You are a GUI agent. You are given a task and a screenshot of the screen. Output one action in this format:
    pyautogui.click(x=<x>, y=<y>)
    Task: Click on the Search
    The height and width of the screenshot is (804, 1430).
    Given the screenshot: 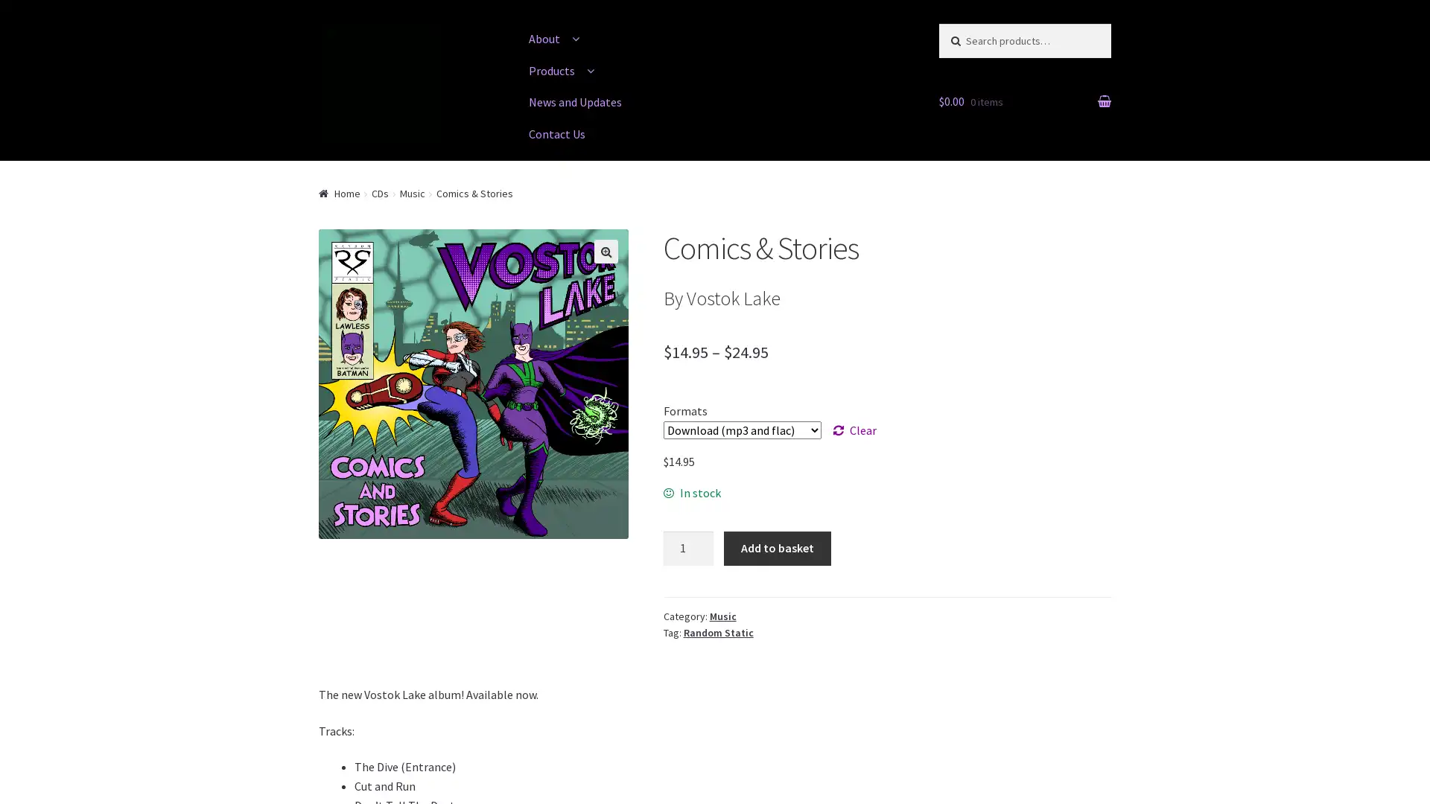 What is the action you would take?
    pyautogui.click(x=969, y=37)
    